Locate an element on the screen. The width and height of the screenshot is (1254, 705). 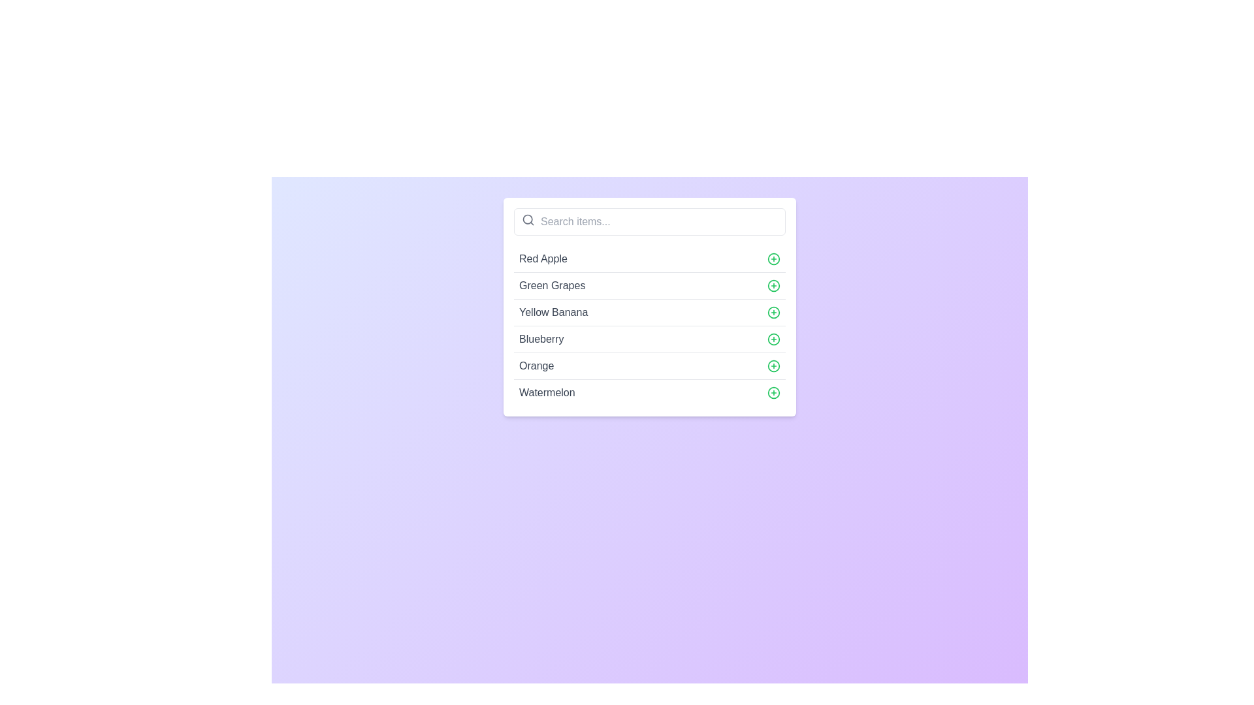
the list item representing 'Yellow Banana' located in the third row of a vertical list is located at coordinates (649, 307).